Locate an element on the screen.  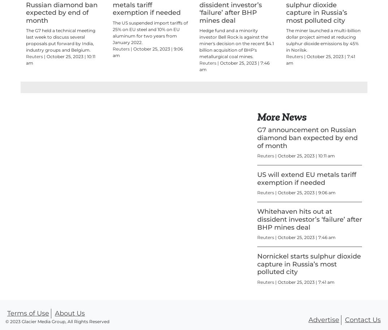
'© 2023 Glacier Media Group, All Rights Reserved' is located at coordinates (5, 321).